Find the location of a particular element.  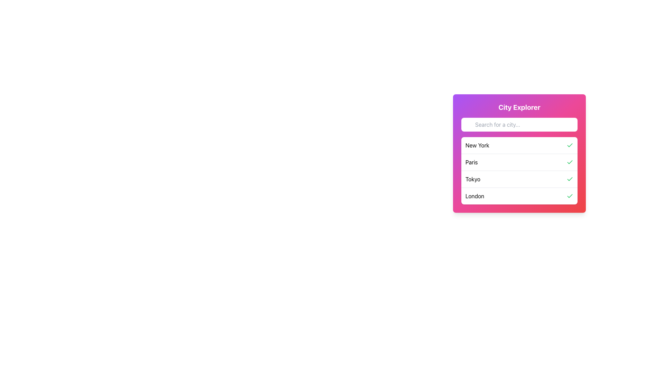

the Text Label at the top of the card with a purple-to-red gradient background, which serves as a title or heading for the card is located at coordinates (519, 107).